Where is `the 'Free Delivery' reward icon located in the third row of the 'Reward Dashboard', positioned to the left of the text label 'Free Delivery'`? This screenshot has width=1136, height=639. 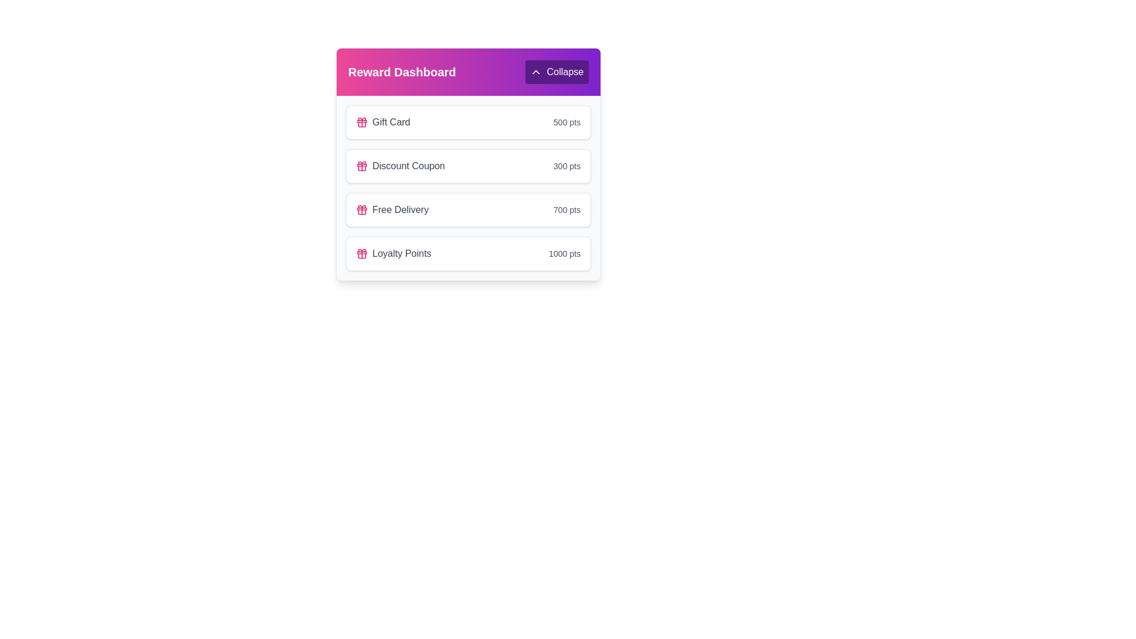
the 'Free Delivery' reward icon located in the third row of the 'Reward Dashboard', positioned to the left of the text label 'Free Delivery' is located at coordinates (361, 209).